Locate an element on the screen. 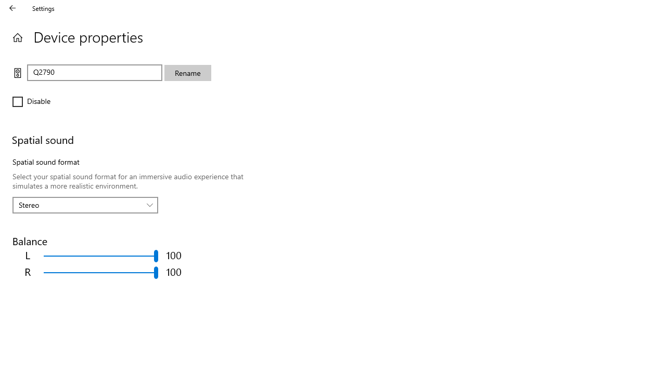 Image resolution: width=666 pixels, height=374 pixels. 'Back' is located at coordinates (12, 8).